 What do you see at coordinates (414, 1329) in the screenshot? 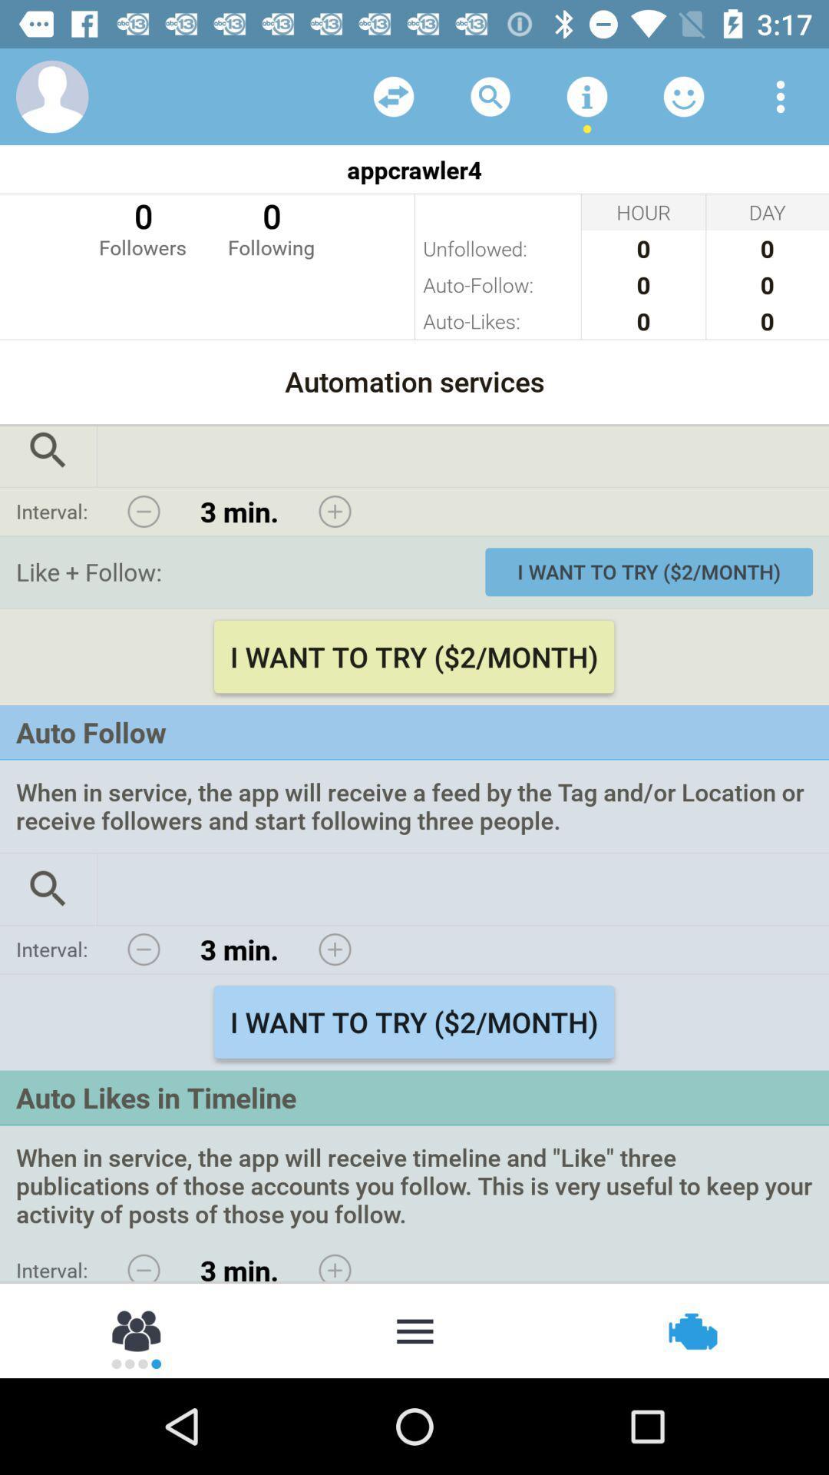
I see `the more icon` at bounding box center [414, 1329].